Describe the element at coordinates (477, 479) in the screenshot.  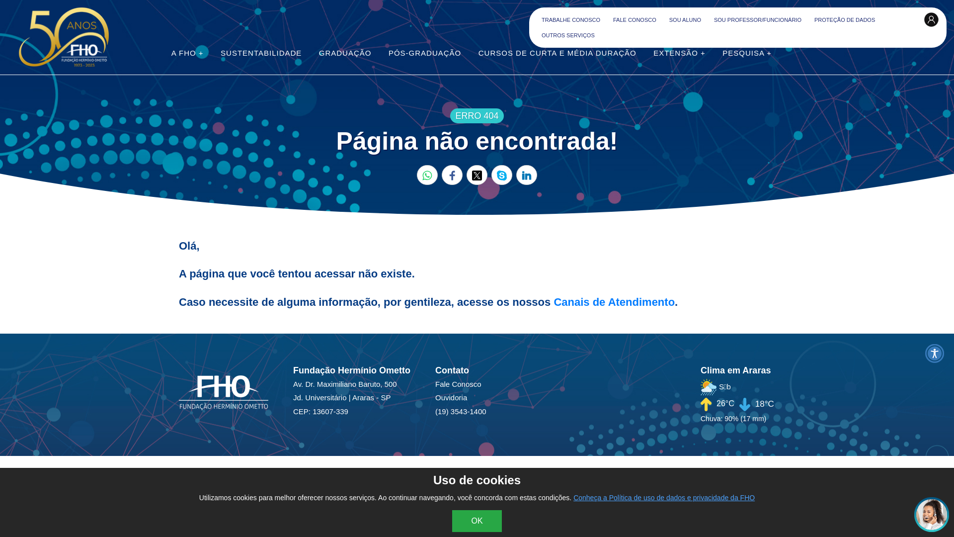
I see `'Uso de cookies'` at that location.